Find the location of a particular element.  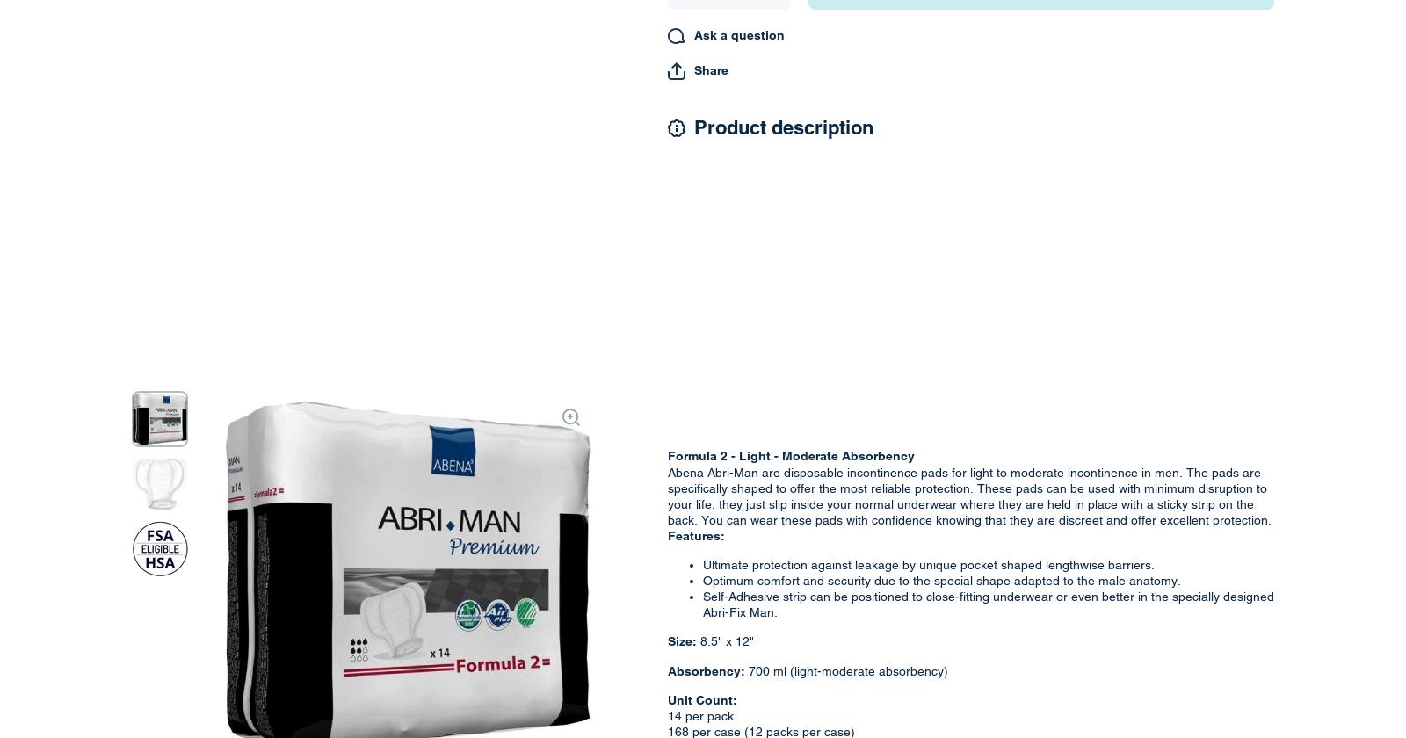

'Return Policy' is located at coordinates (748, 375).